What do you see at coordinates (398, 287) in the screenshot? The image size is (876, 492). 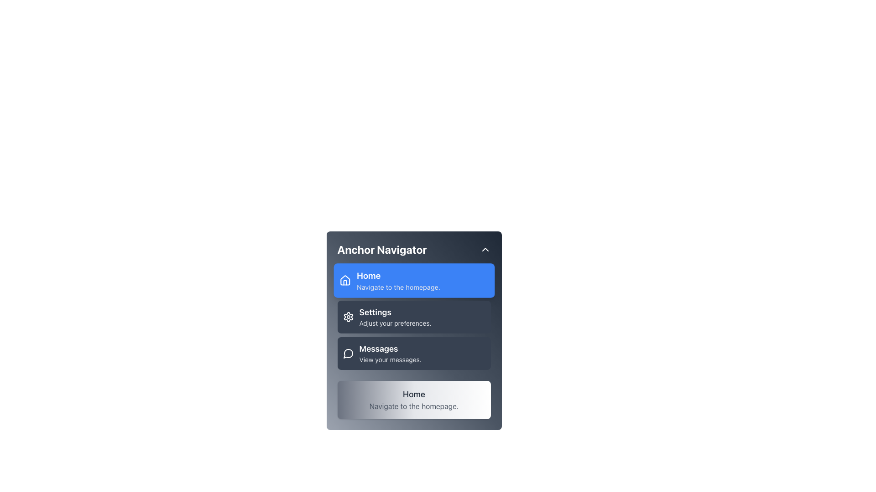 I see `the text label reading 'Navigate to the homepage.' which is styled in gray and located beneath the bold 'Home' title in the navigation menu` at bounding box center [398, 287].